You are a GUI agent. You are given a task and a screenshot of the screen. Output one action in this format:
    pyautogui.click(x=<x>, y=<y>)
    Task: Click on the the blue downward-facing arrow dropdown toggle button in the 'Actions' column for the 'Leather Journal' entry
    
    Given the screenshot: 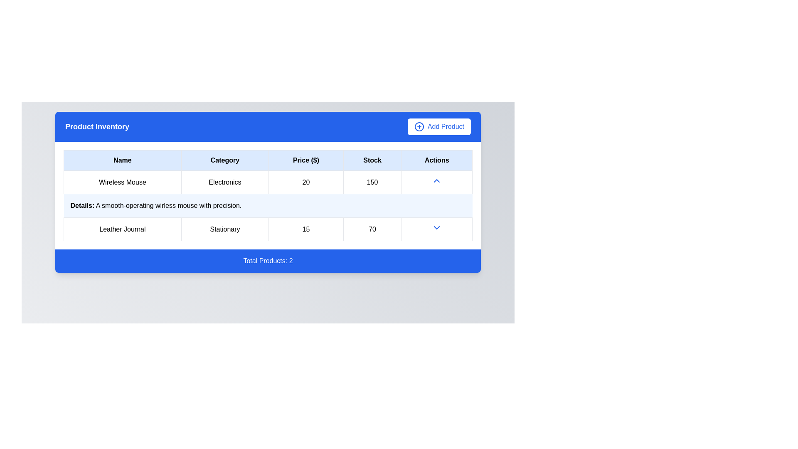 What is the action you would take?
    pyautogui.click(x=436, y=229)
    